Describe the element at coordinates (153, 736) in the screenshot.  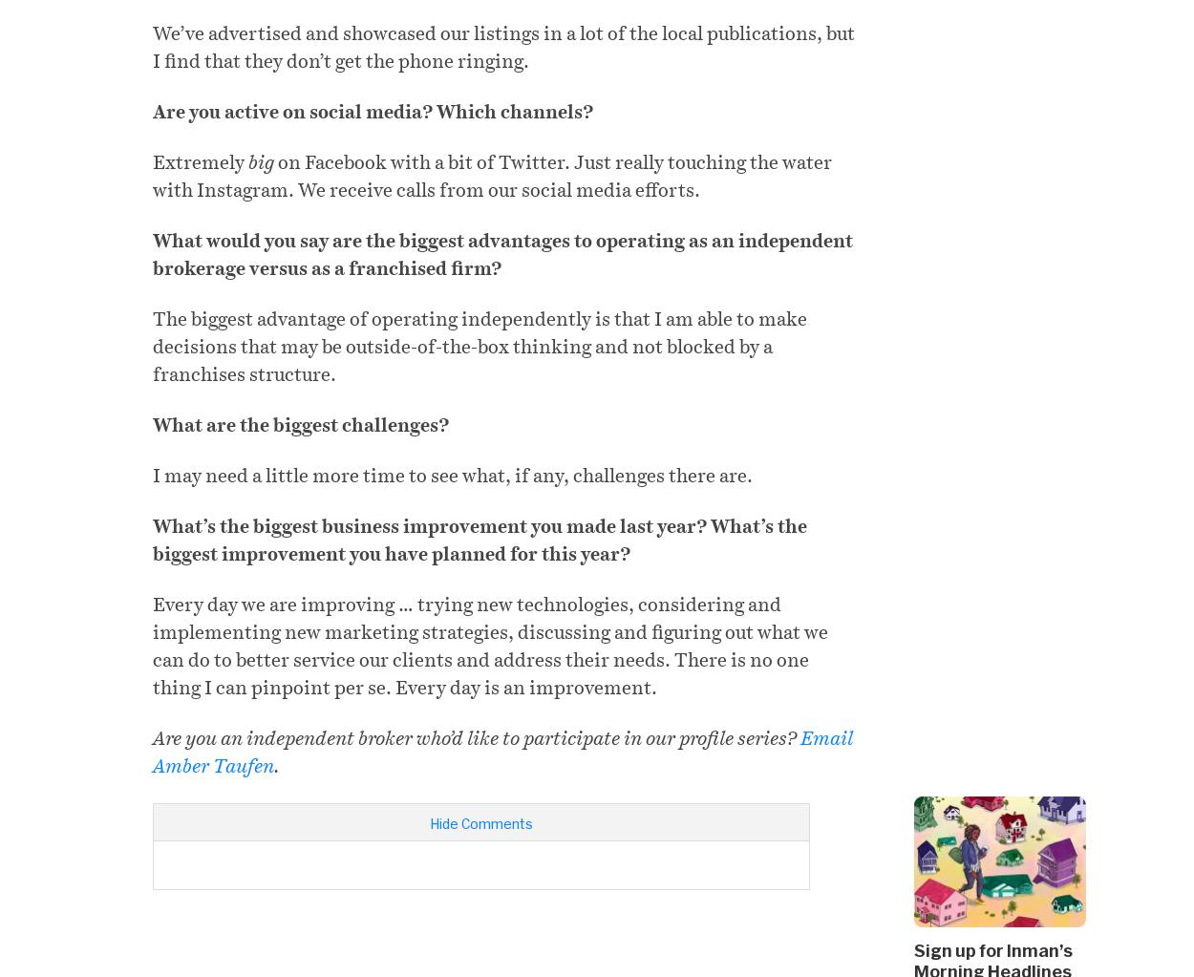
I see `'Are you an independent broker who’d like to participate in our profile series?'` at that location.